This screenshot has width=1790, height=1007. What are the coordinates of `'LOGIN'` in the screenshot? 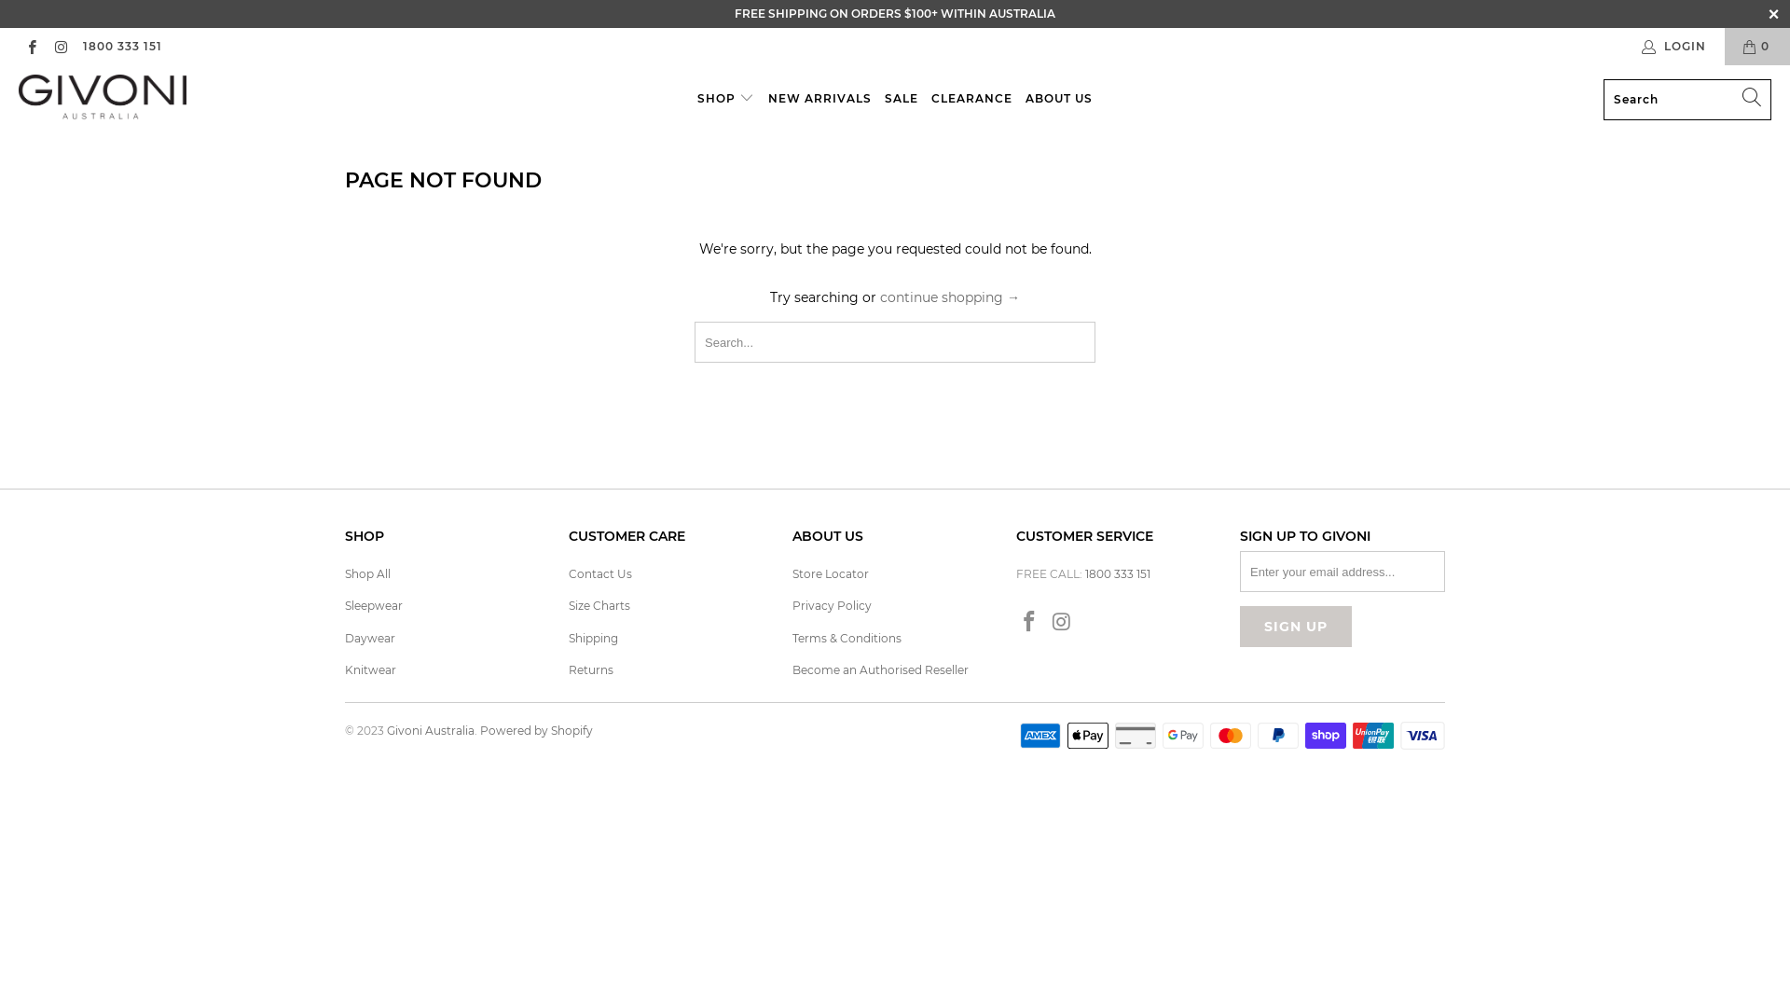 It's located at (1674, 46).